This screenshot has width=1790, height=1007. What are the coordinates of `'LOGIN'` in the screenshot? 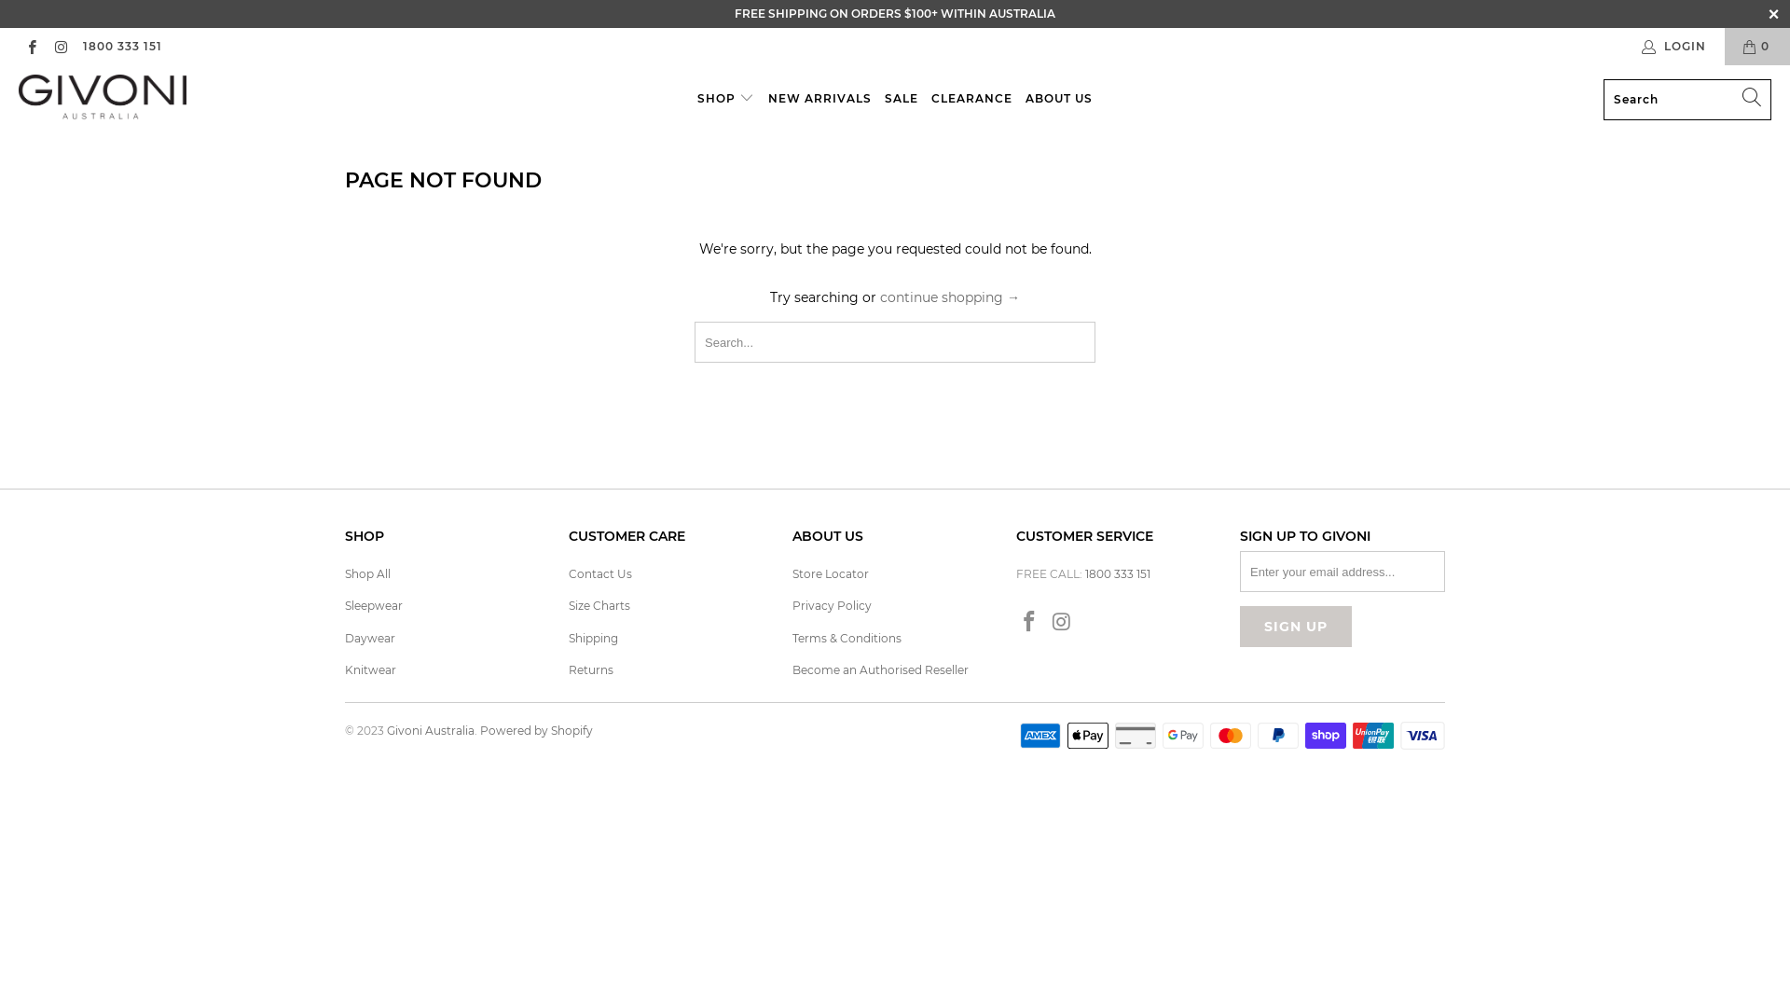 It's located at (1674, 46).